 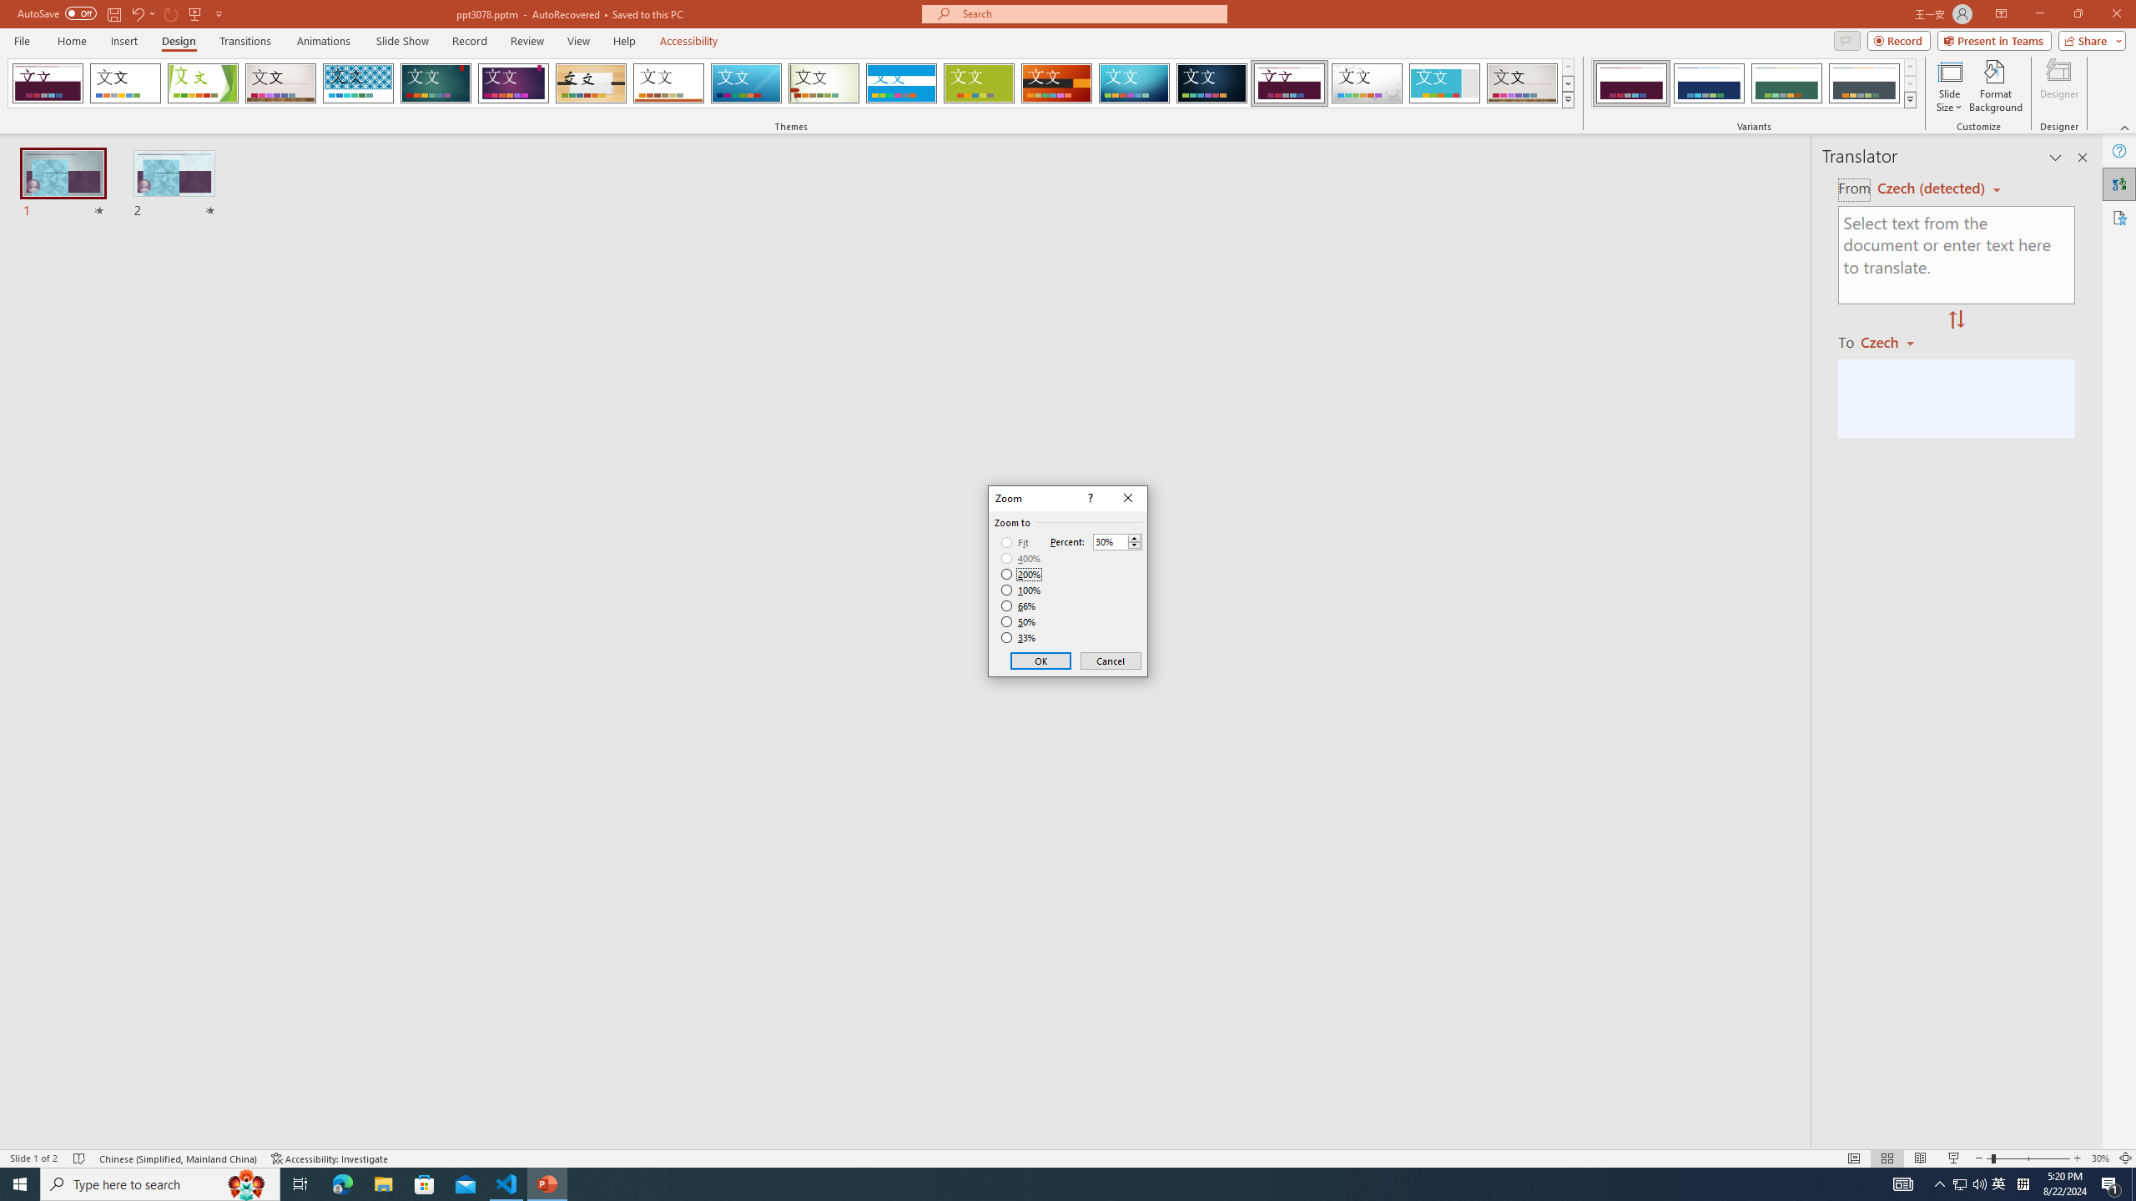 What do you see at coordinates (1289, 83) in the screenshot?
I see `'Dividend'` at bounding box center [1289, 83].